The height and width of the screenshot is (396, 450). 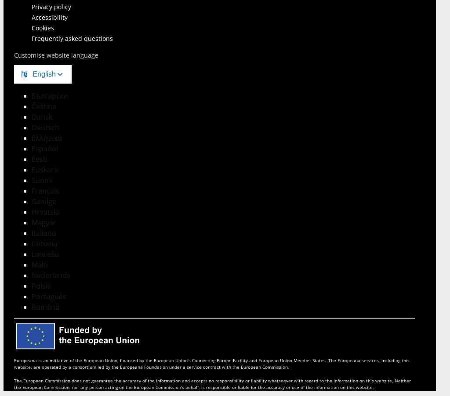 What do you see at coordinates (40, 264) in the screenshot?
I see `'Malti'` at bounding box center [40, 264].